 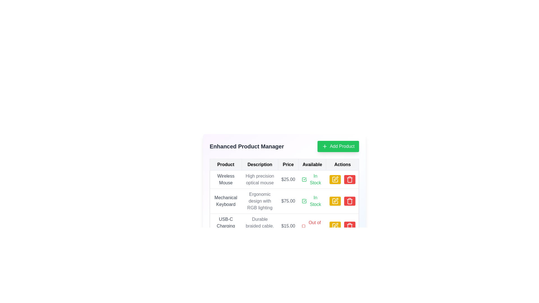 What do you see at coordinates (336, 178) in the screenshot?
I see `the edit icon for the 'Wireless Mouse' product to initiate editing` at bounding box center [336, 178].